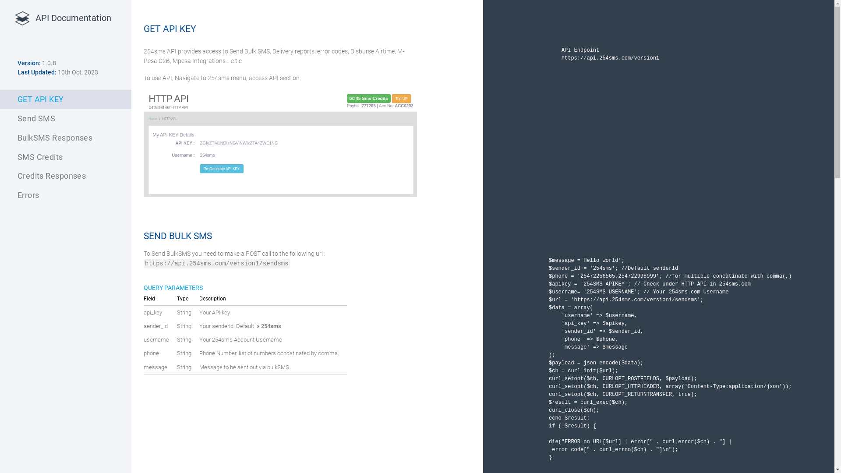 The width and height of the screenshot is (841, 473). What do you see at coordinates (65, 176) in the screenshot?
I see `'Credits Responses'` at bounding box center [65, 176].